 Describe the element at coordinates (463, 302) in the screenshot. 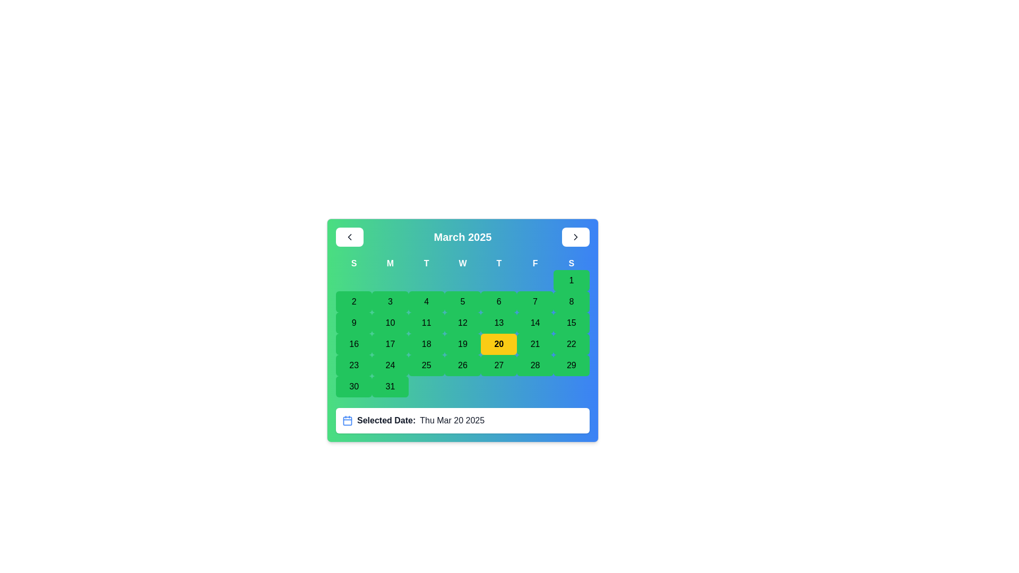

I see `the green button displaying the number '5', located in the second row and fifth column of the calendar grid` at that location.